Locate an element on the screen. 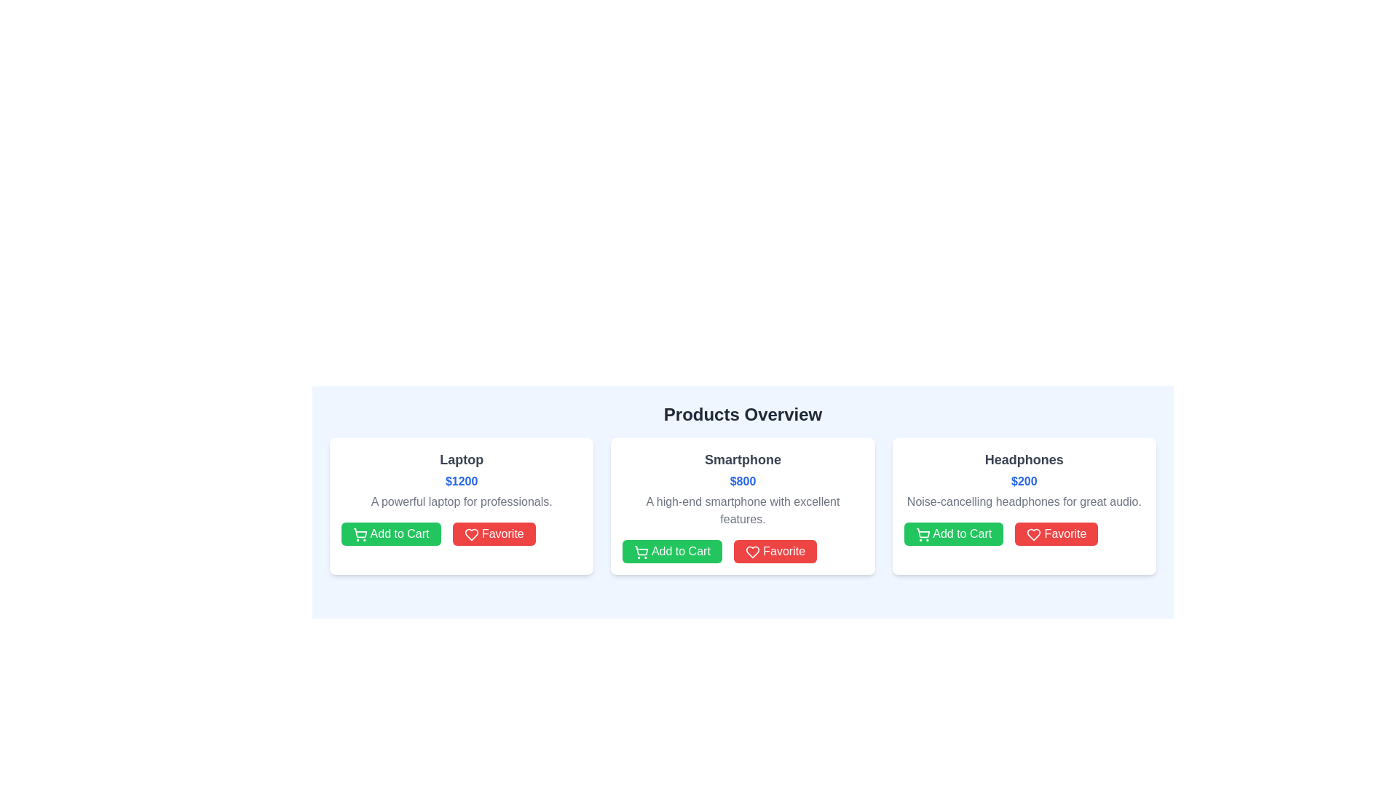 Image resolution: width=1398 pixels, height=786 pixels. the heart icon within the 'Favorite' button of the first product card ('Laptop') in the list, which serves as a visual enhancement for marking an item as a favorite is located at coordinates (471, 534).